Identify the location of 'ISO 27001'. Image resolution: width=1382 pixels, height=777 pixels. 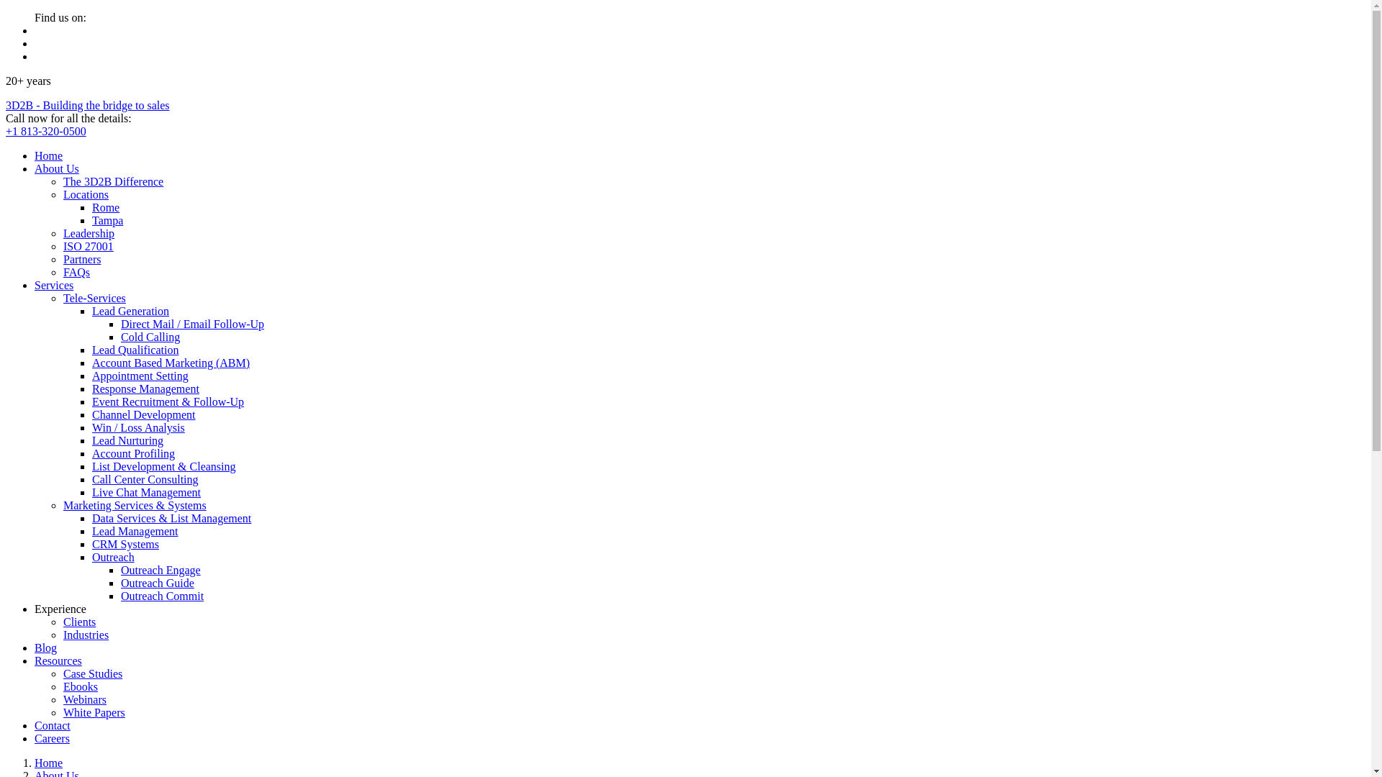
(88, 245).